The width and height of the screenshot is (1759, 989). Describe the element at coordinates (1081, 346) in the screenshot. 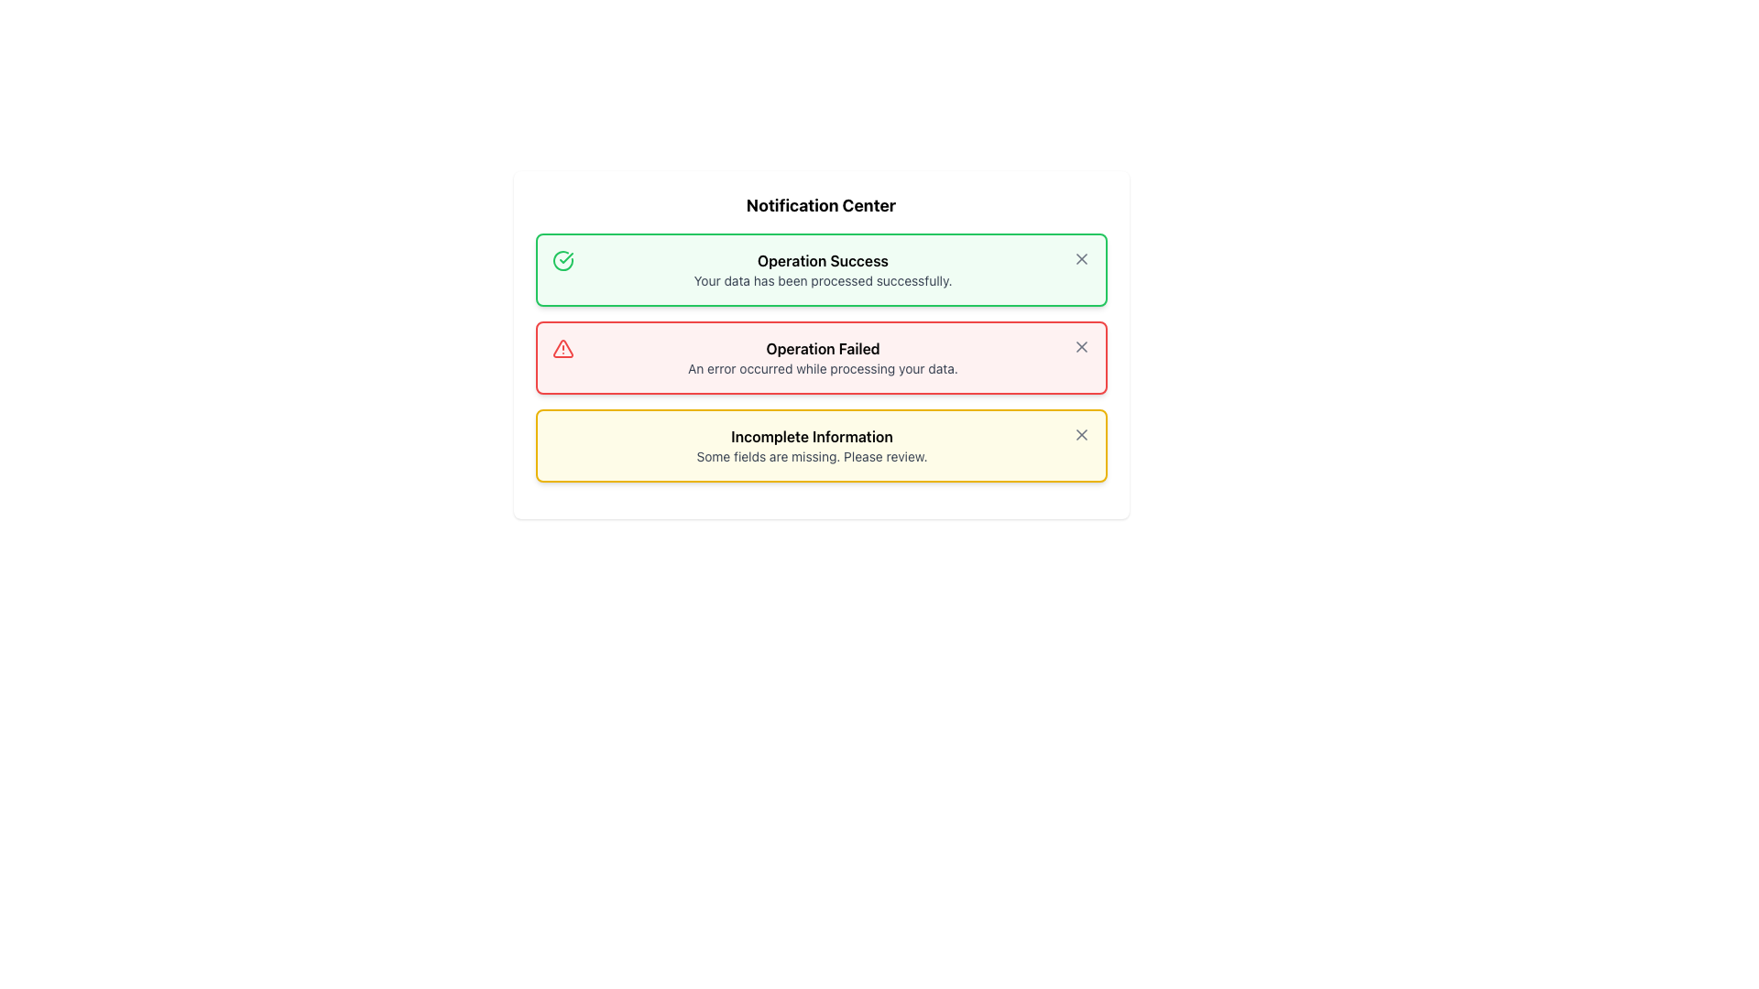

I see `the 'X' icon, which is an SVG-based button styled with sharp diagonal lines` at that location.